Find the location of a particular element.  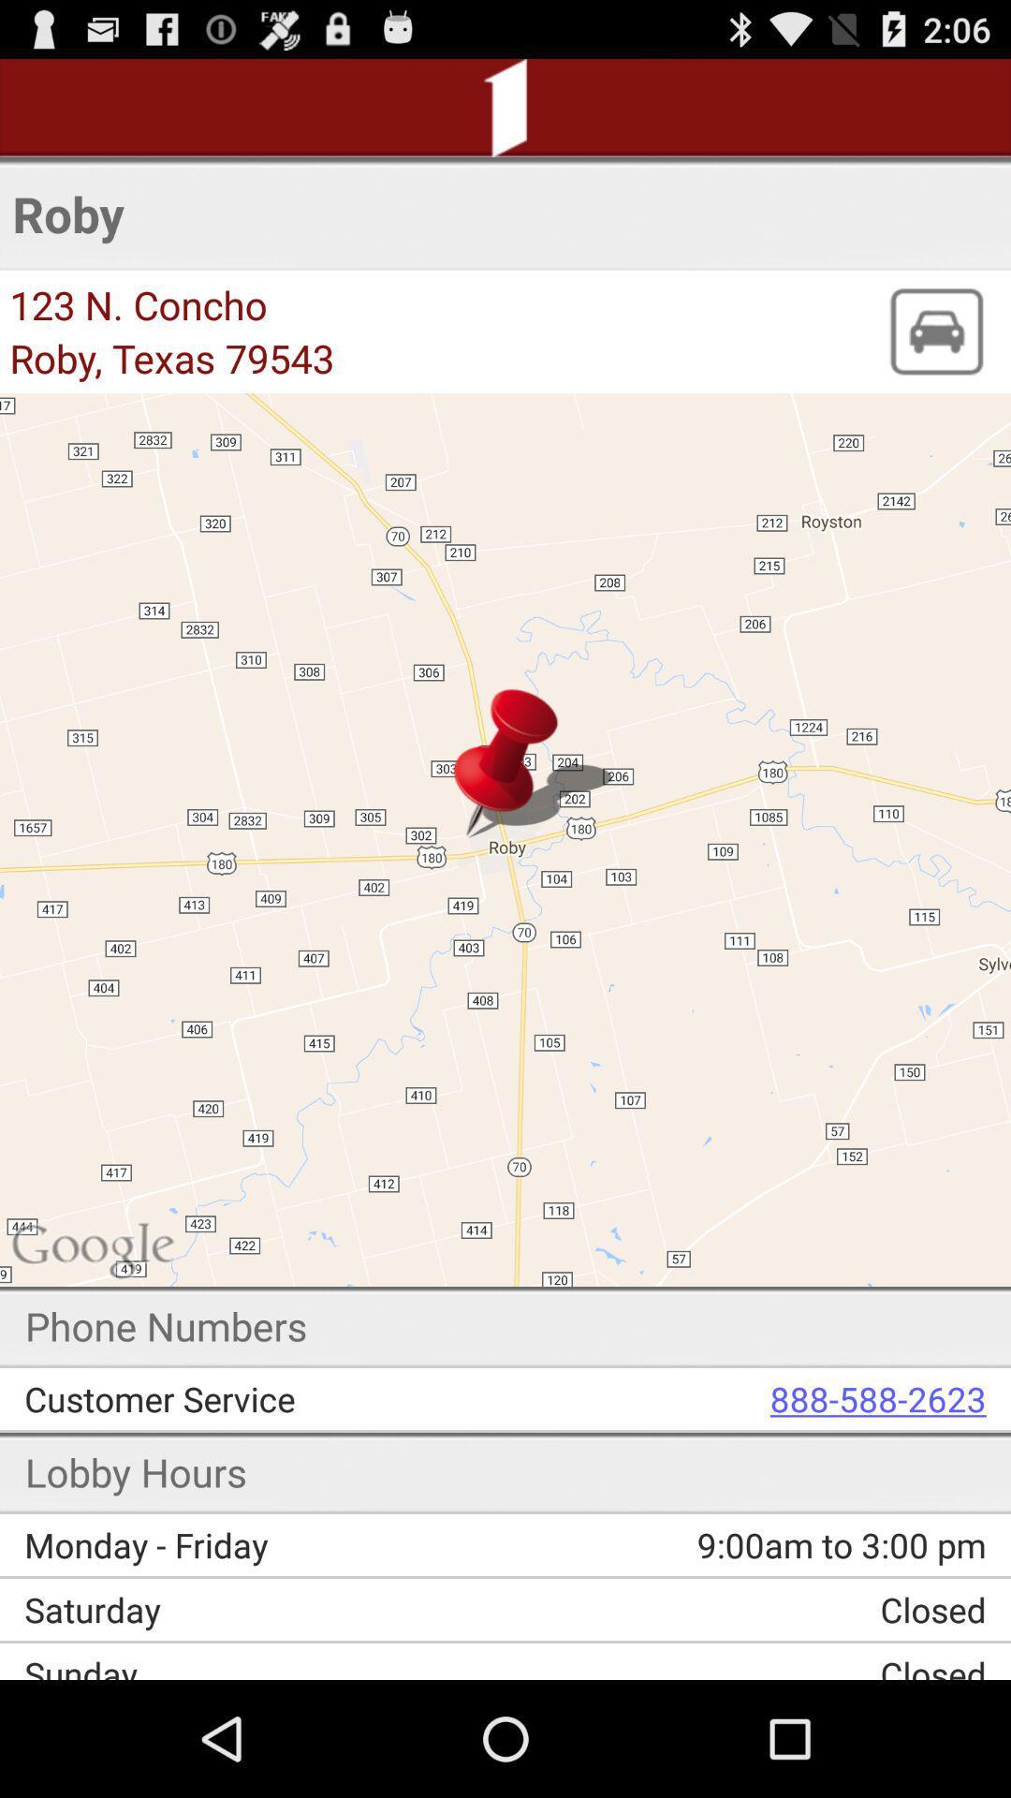

the saturday app is located at coordinates (271, 1608).